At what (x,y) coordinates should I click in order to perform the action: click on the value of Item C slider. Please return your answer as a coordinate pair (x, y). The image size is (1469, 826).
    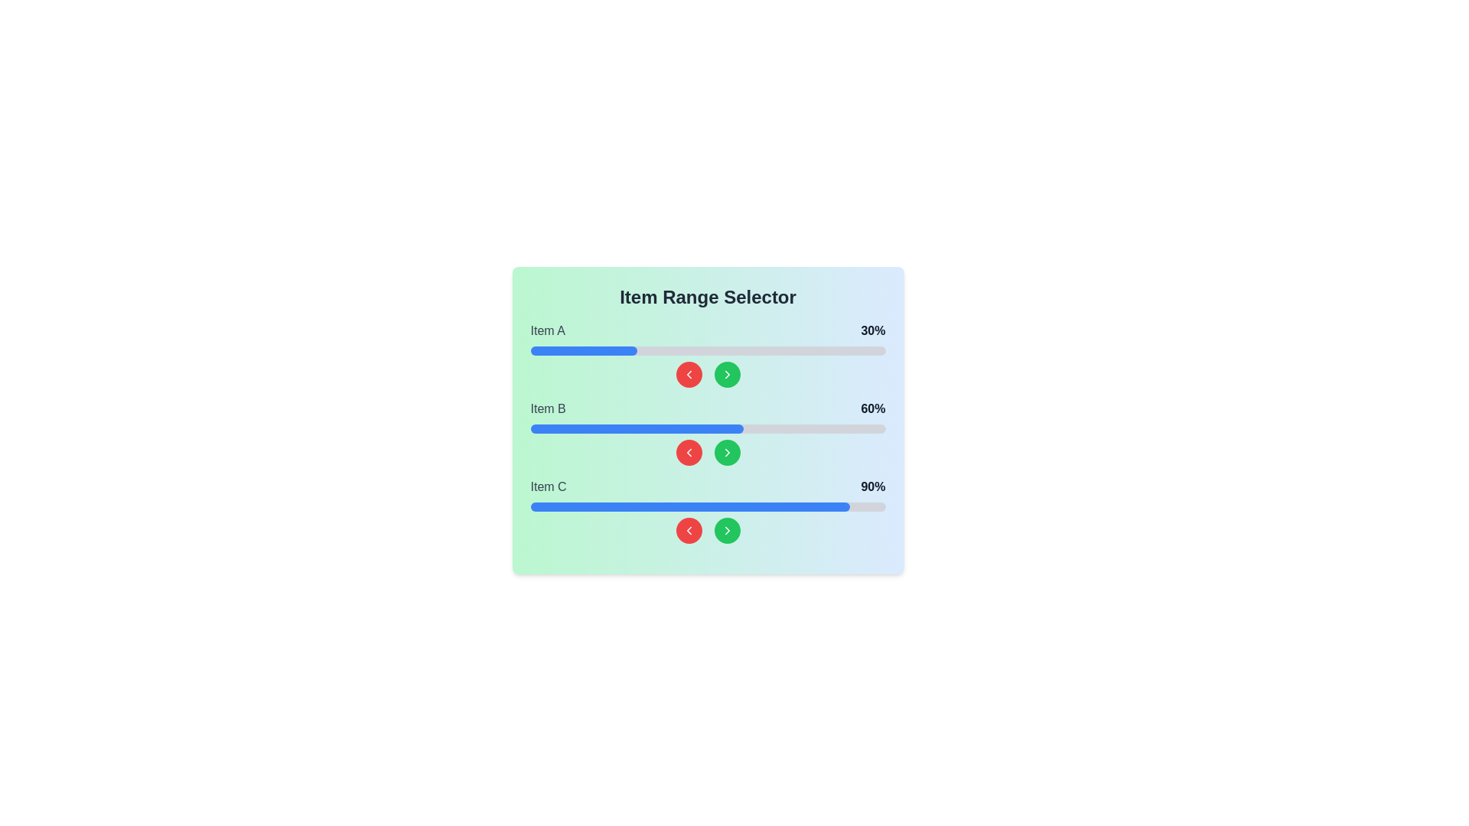
    Looking at the image, I should click on (754, 507).